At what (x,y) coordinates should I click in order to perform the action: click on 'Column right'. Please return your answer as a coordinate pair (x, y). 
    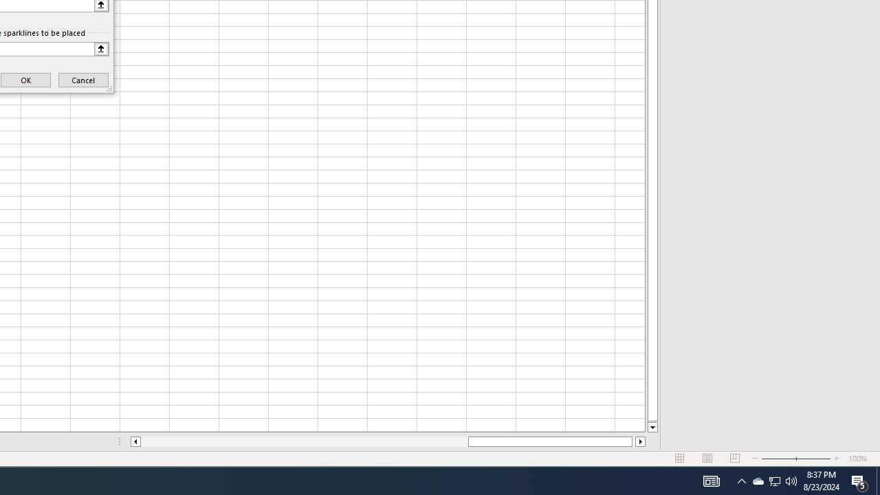
    Looking at the image, I should click on (640, 441).